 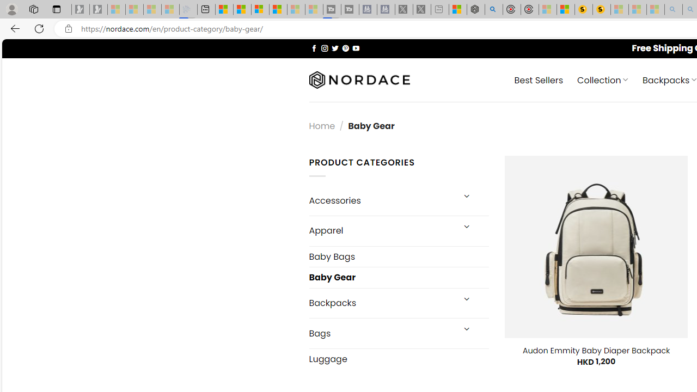 What do you see at coordinates (539, 79) in the screenshot?
I see `' Best Sellers'` at bounding box center [539, 79].